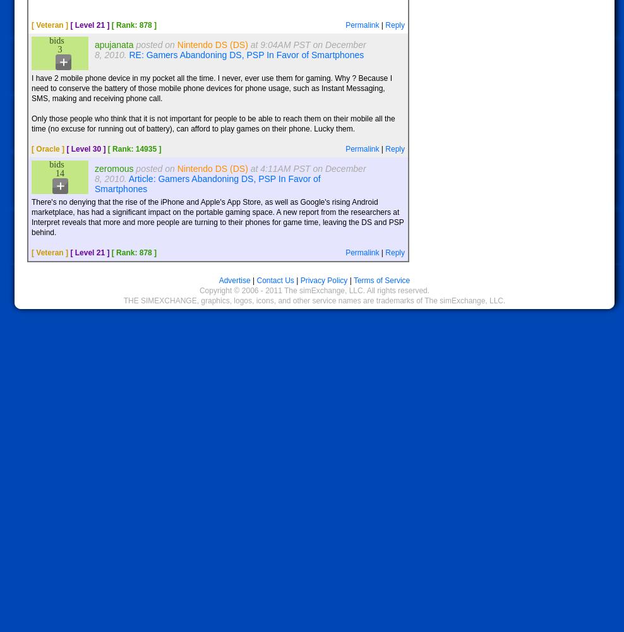 The width and height of the screenshot is (624, 632). I want to click on 'at 9:04AM PST on December 8, 2010.', so click(230, 49).